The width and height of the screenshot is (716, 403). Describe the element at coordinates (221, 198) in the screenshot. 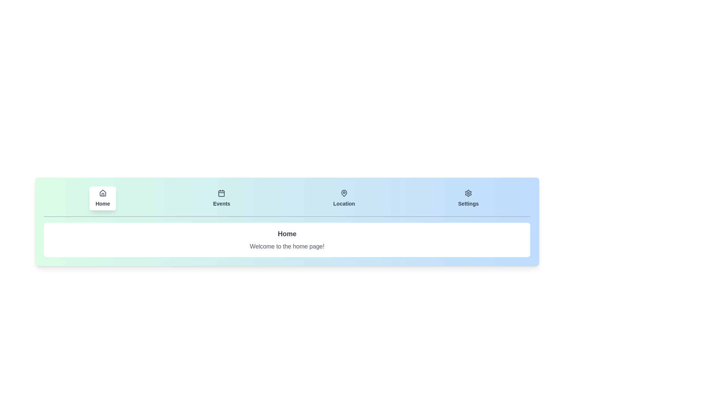

I see `the tab labeled Events to observe the visual feedback` at that location.